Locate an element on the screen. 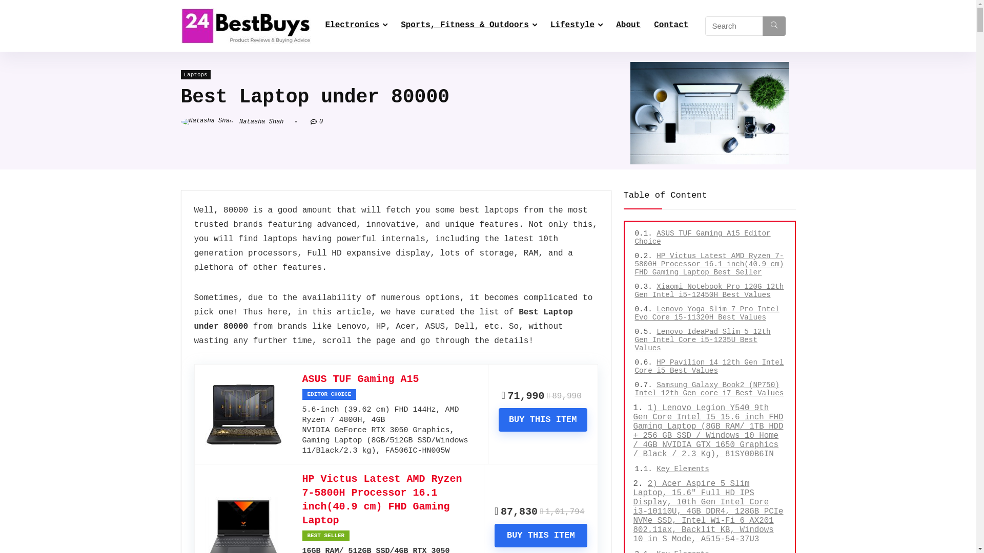 This screenshot has height=553, width=984. 'Sports, Fitness & Outdoors' is located at coordinates (468, 25).